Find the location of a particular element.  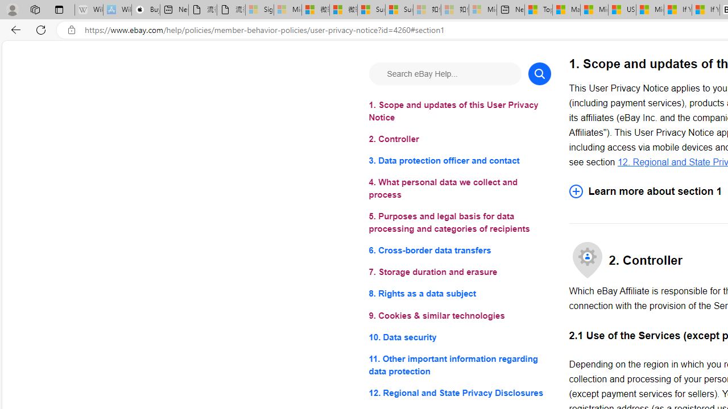

'3. Data protection officer and contact' is located at coordinates (460, 161).